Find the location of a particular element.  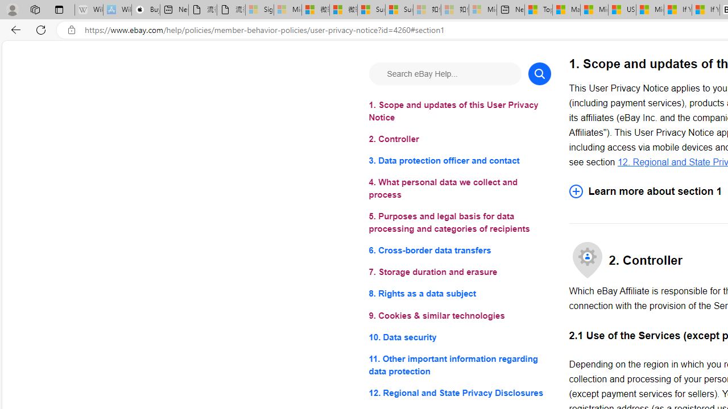

'3. Data protection officer and contact' is located at coordinates (460, 161).